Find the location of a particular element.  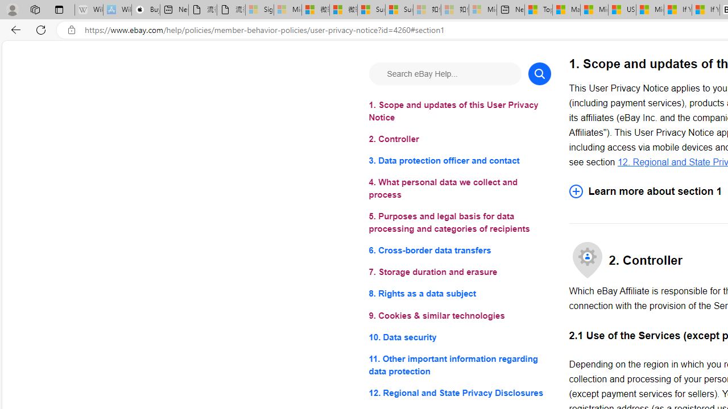

'3. Data protection officer and contact' is located at coordinates (460, 161).